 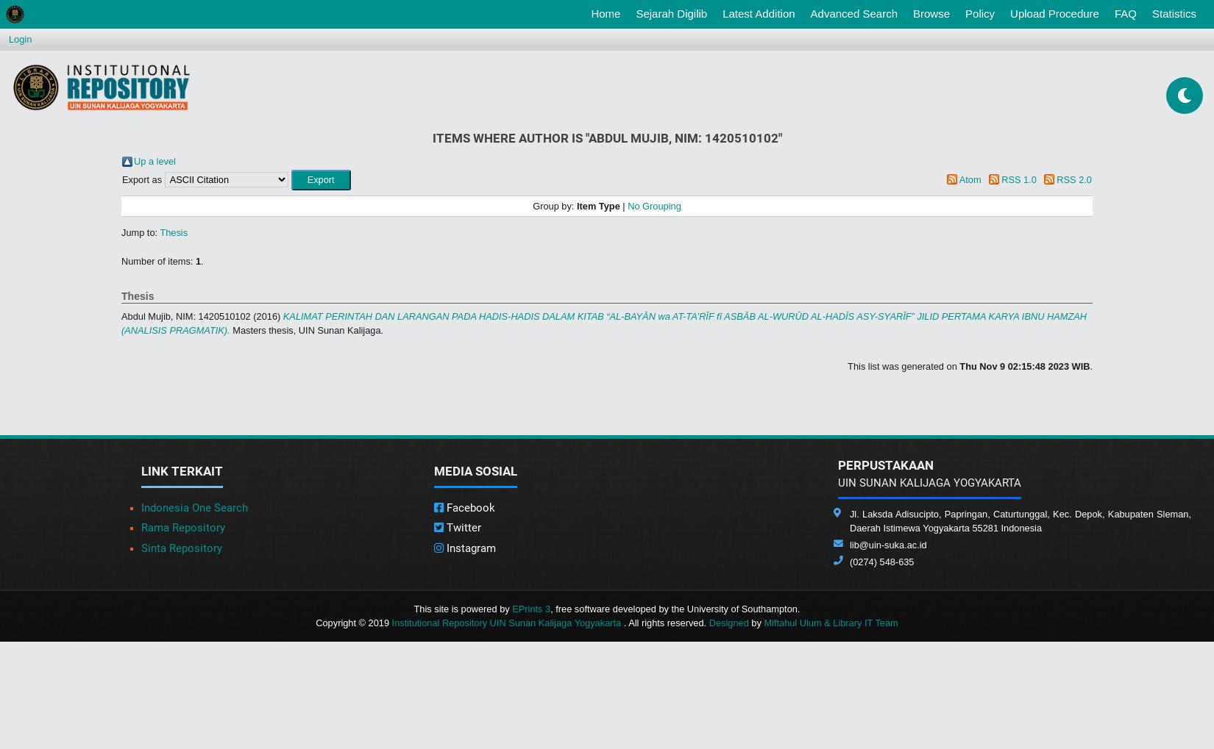 I want to click on 'Jl. Laksda Adisucipto, Papringan, Caturtunggal, Kec. Depok, Kabupaten Sleman, Daerah Istimewa Yogyakarta 55281 Indonesia', so click(x=1019, y=520).